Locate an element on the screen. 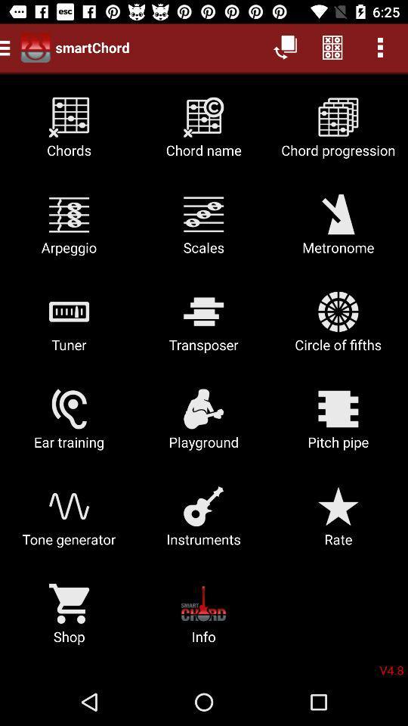 The width and height of the screenshot is (408, 726). the tuner is located at coordinates (68, 327).